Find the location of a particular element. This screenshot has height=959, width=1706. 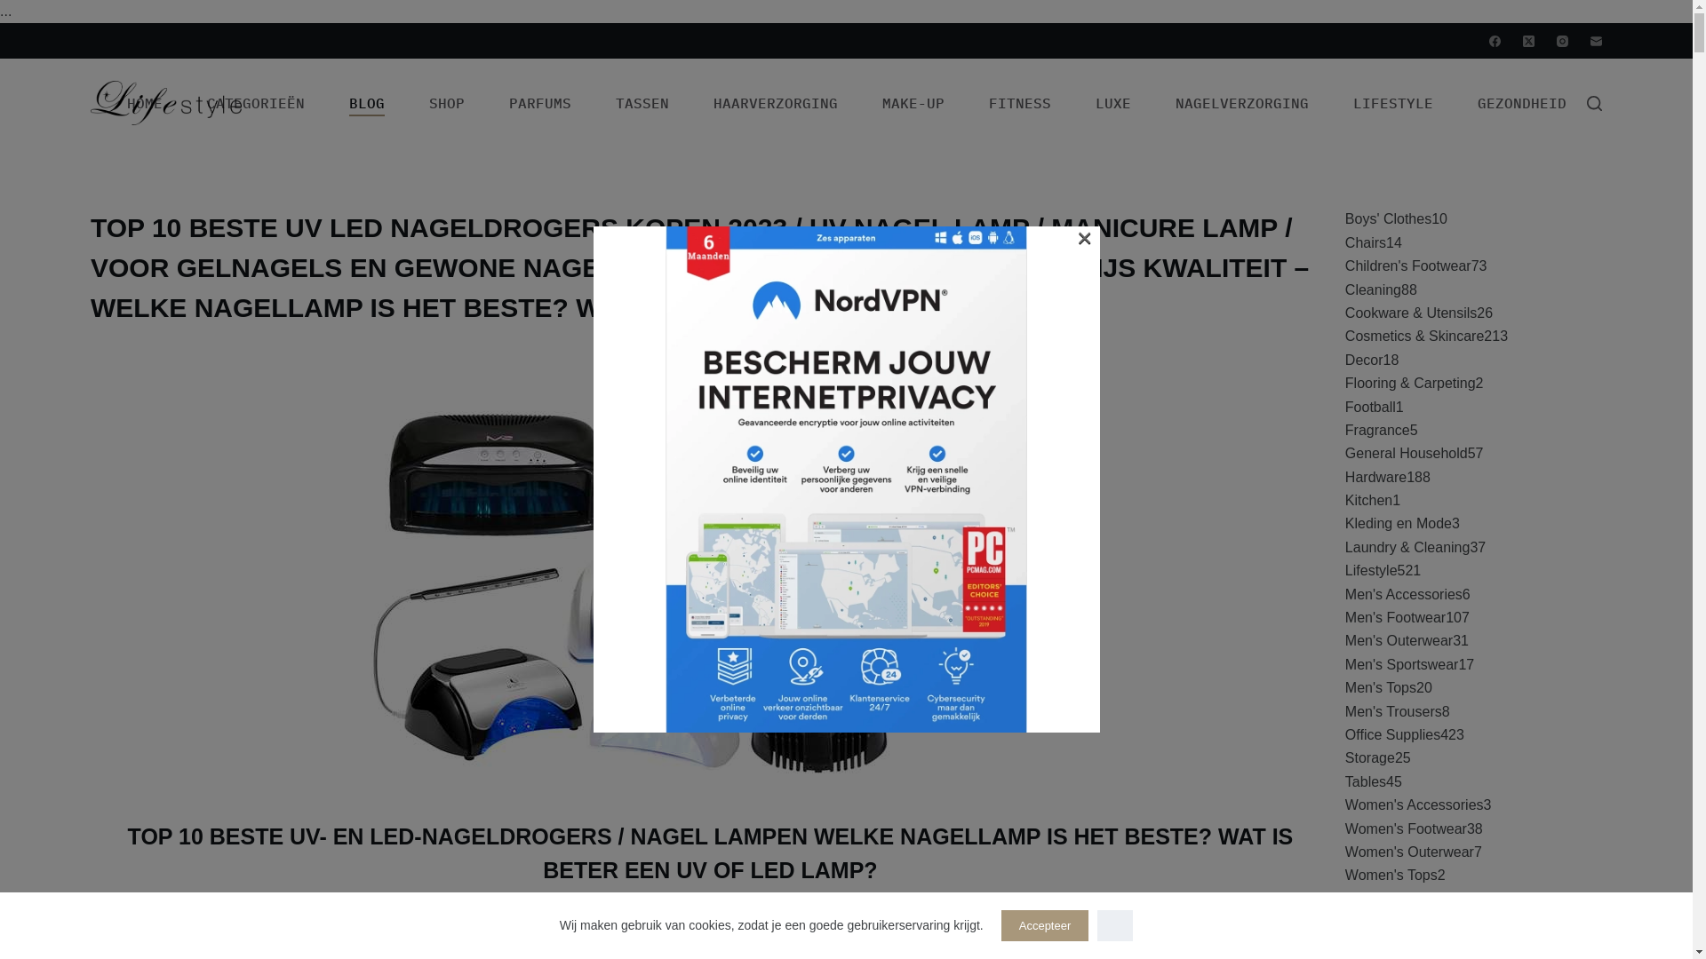

'Men's Sportswear' is located at coordinates (1401, 664).